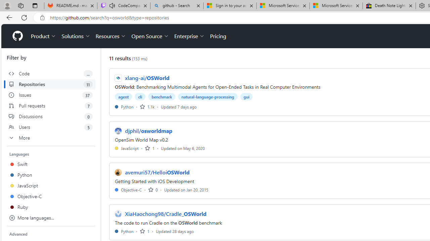 The height and width of the screenshot is (241, 430). What do you see at coordinates (51, 137) in the screenshot?
I see `'More'` at bounding box center [51, 137].